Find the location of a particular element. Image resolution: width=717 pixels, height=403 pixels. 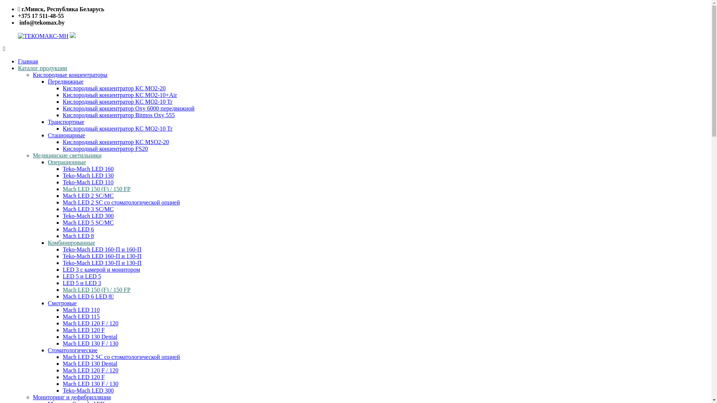

'Teko-Mach LED 160' is located at coordinates (88, 169).